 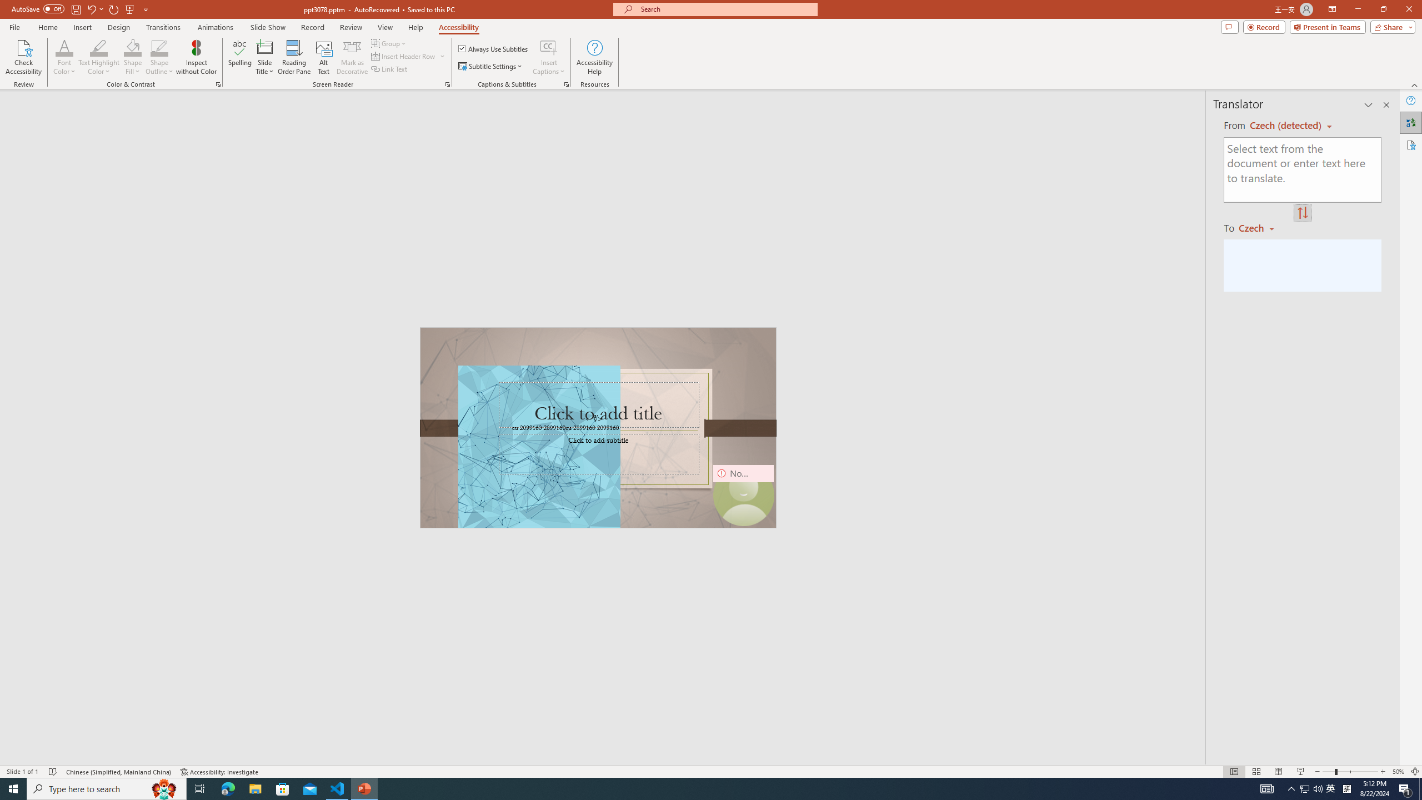 I want to click on 'An abstract genetic concept', so click(x=598, y=427).